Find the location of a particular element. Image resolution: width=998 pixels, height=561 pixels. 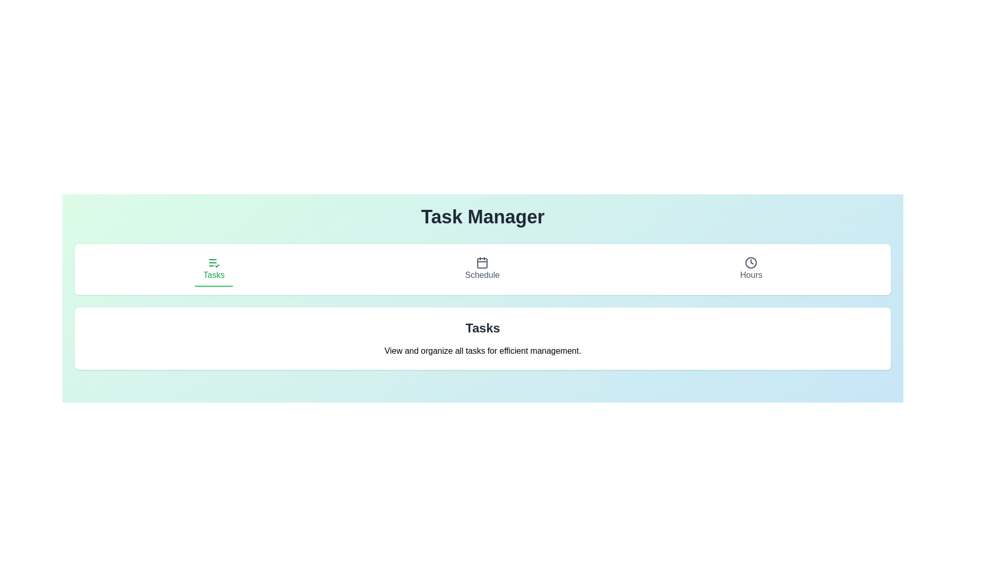

the 'Schedule' button with a calendar icon is located at coordinates (481, 269).